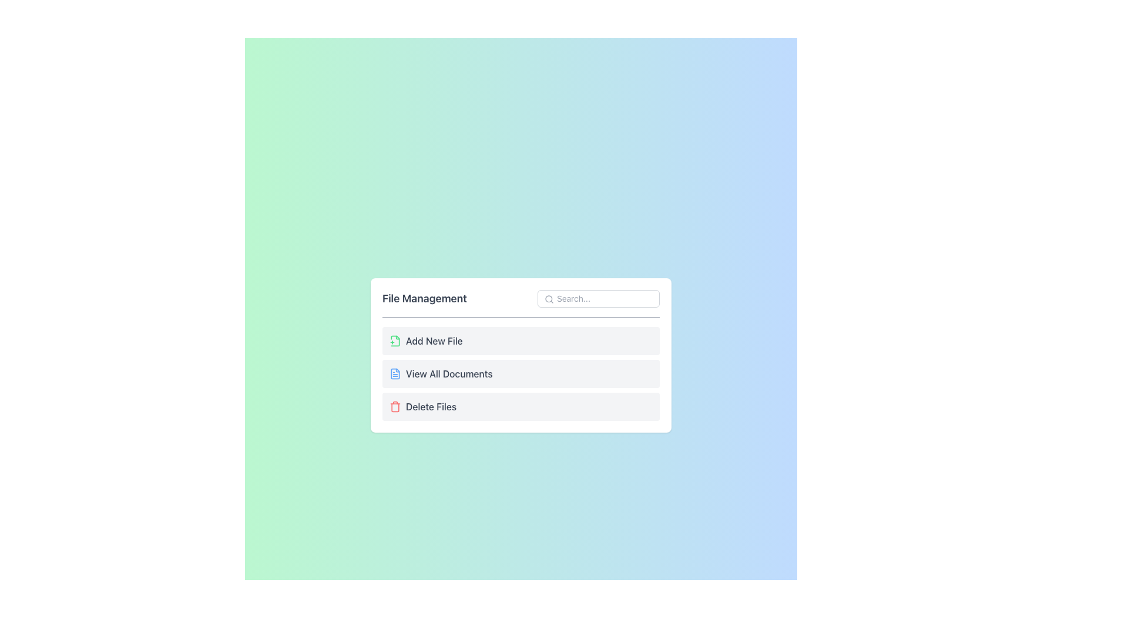 The height and width of the screenshot is (634, 1128). I want to click on the 'View Documents' button located in the 'File Management' section to observe the subtle color change effect, so click(521, 373).